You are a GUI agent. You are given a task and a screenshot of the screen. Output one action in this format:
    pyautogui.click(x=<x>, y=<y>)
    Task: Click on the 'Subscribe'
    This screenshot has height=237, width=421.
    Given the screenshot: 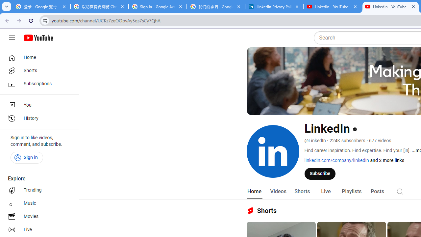 What is the action you would take?
    pyautogui.click(x=320, y=173)
    